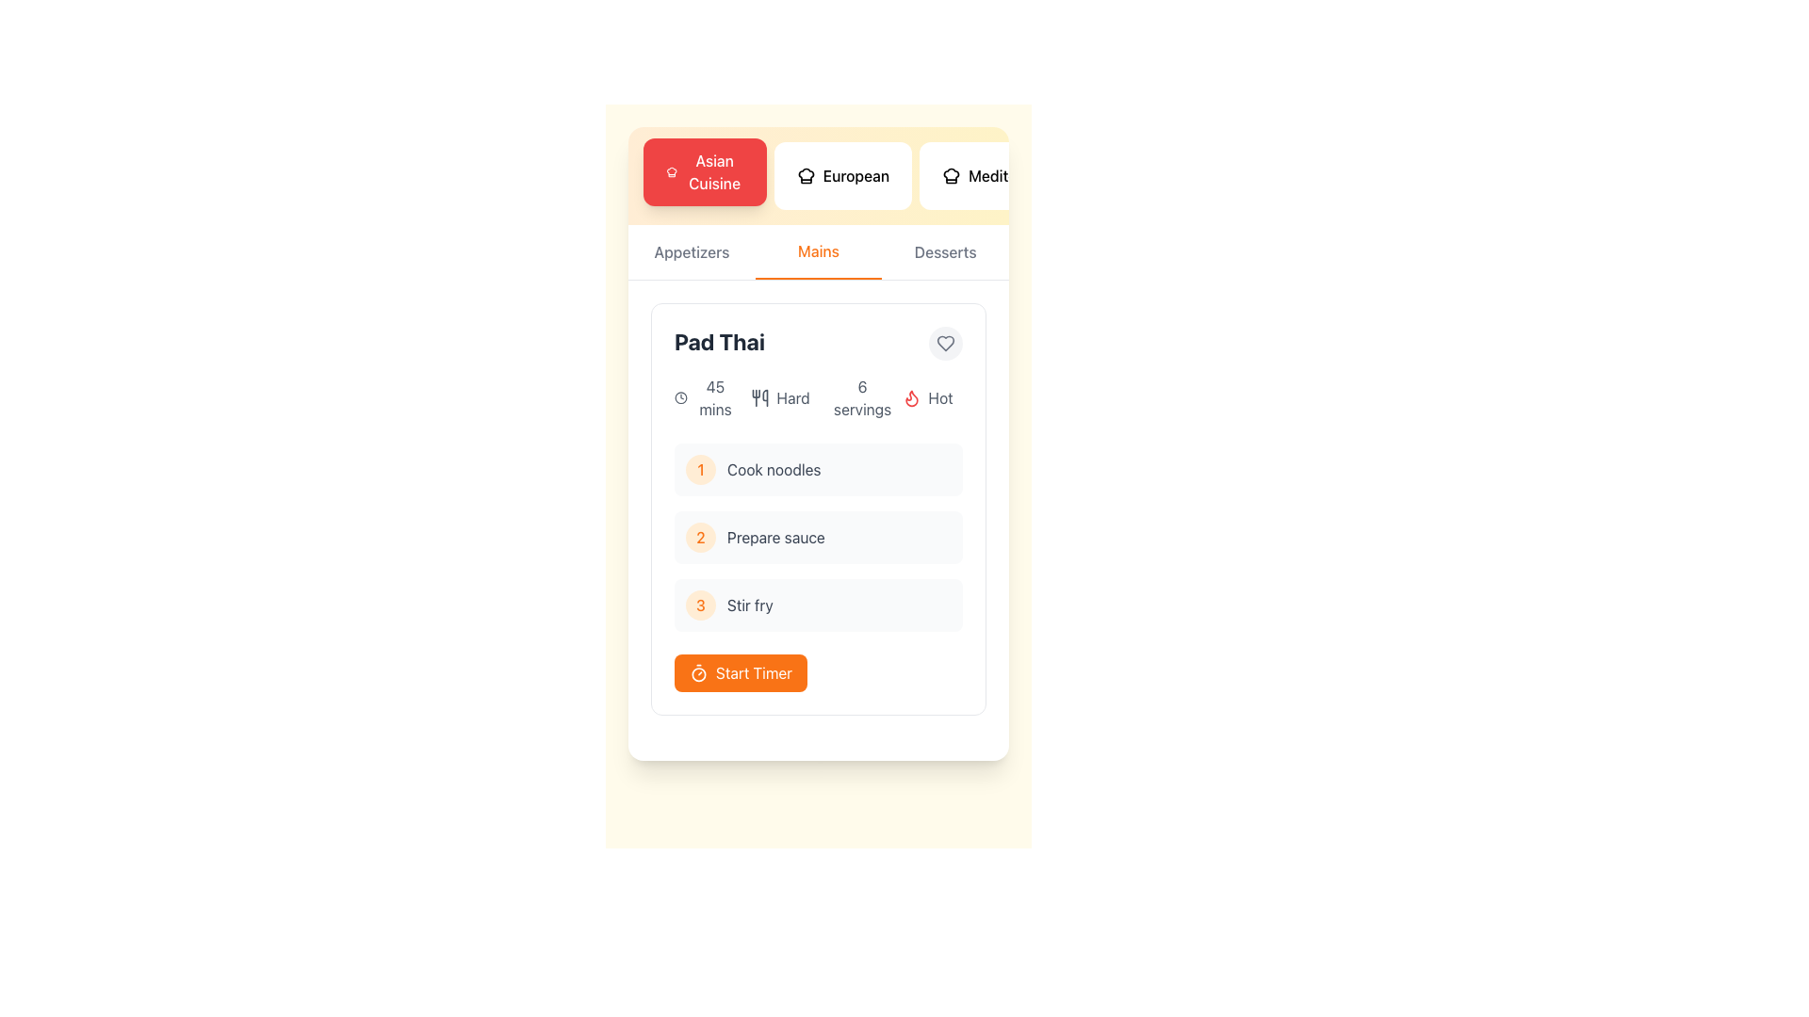 This screenshot has width=1809, height=1017. Describe the element at coordinates (940, 397) in the screenshot. I see `the text label indicating the recipe's spiciness or temperature, positioned to the right of the flame icon` at that location.